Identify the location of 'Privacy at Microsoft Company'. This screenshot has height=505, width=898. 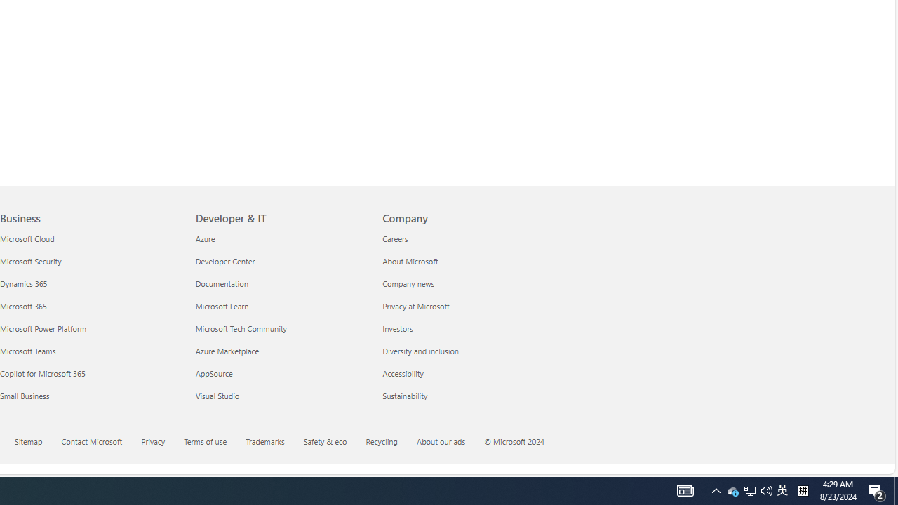
(415, 304).